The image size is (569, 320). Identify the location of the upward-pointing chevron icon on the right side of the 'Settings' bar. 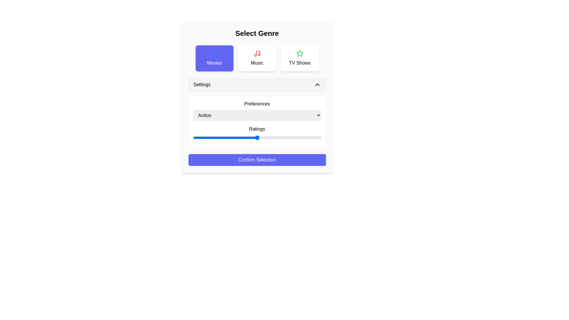
(317, 84).